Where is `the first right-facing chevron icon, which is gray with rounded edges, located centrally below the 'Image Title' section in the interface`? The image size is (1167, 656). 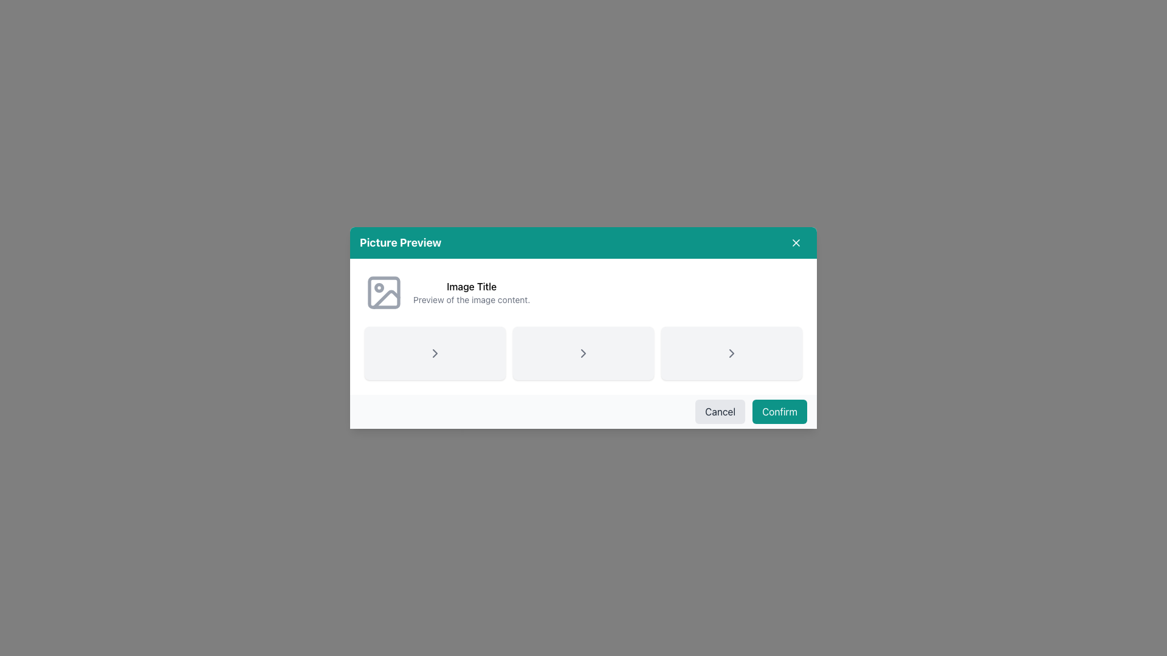 the first right-facing chevron icon, which is gray with rounded edges, located centrally below the 'Image Title' section in the interface is located at coordinates (435, 354).